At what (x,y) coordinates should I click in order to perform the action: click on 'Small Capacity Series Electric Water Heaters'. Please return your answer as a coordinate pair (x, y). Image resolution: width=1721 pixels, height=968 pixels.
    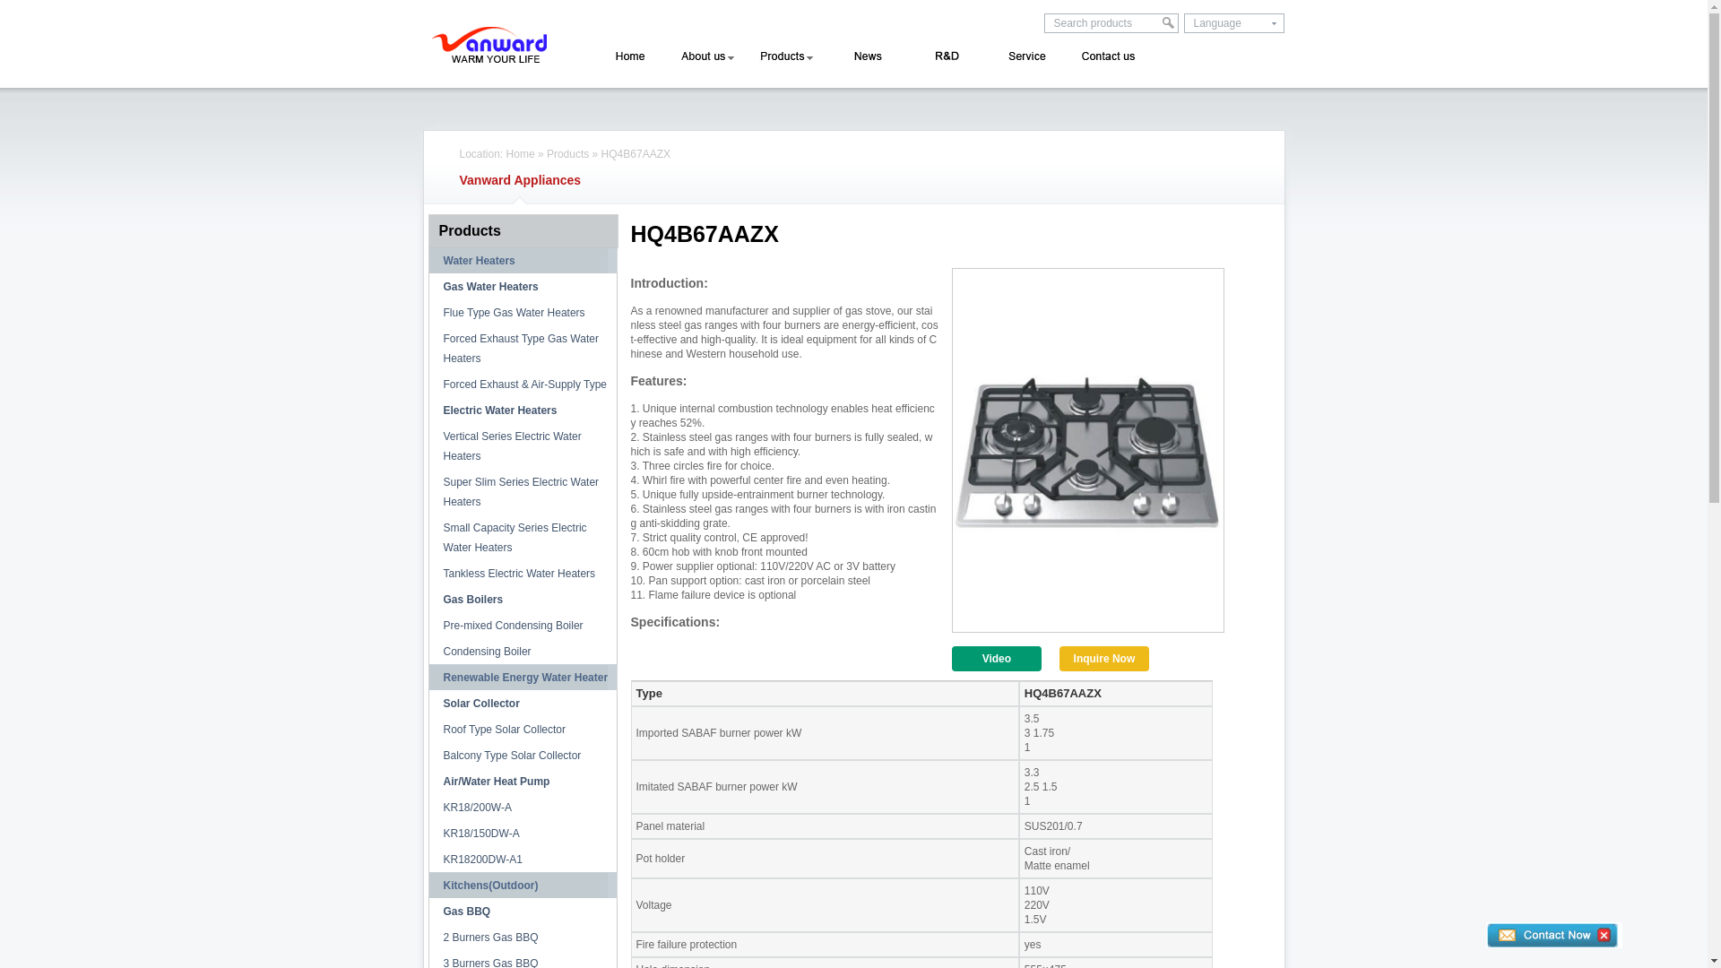
    Looking at the image, I should click on (522, 537).